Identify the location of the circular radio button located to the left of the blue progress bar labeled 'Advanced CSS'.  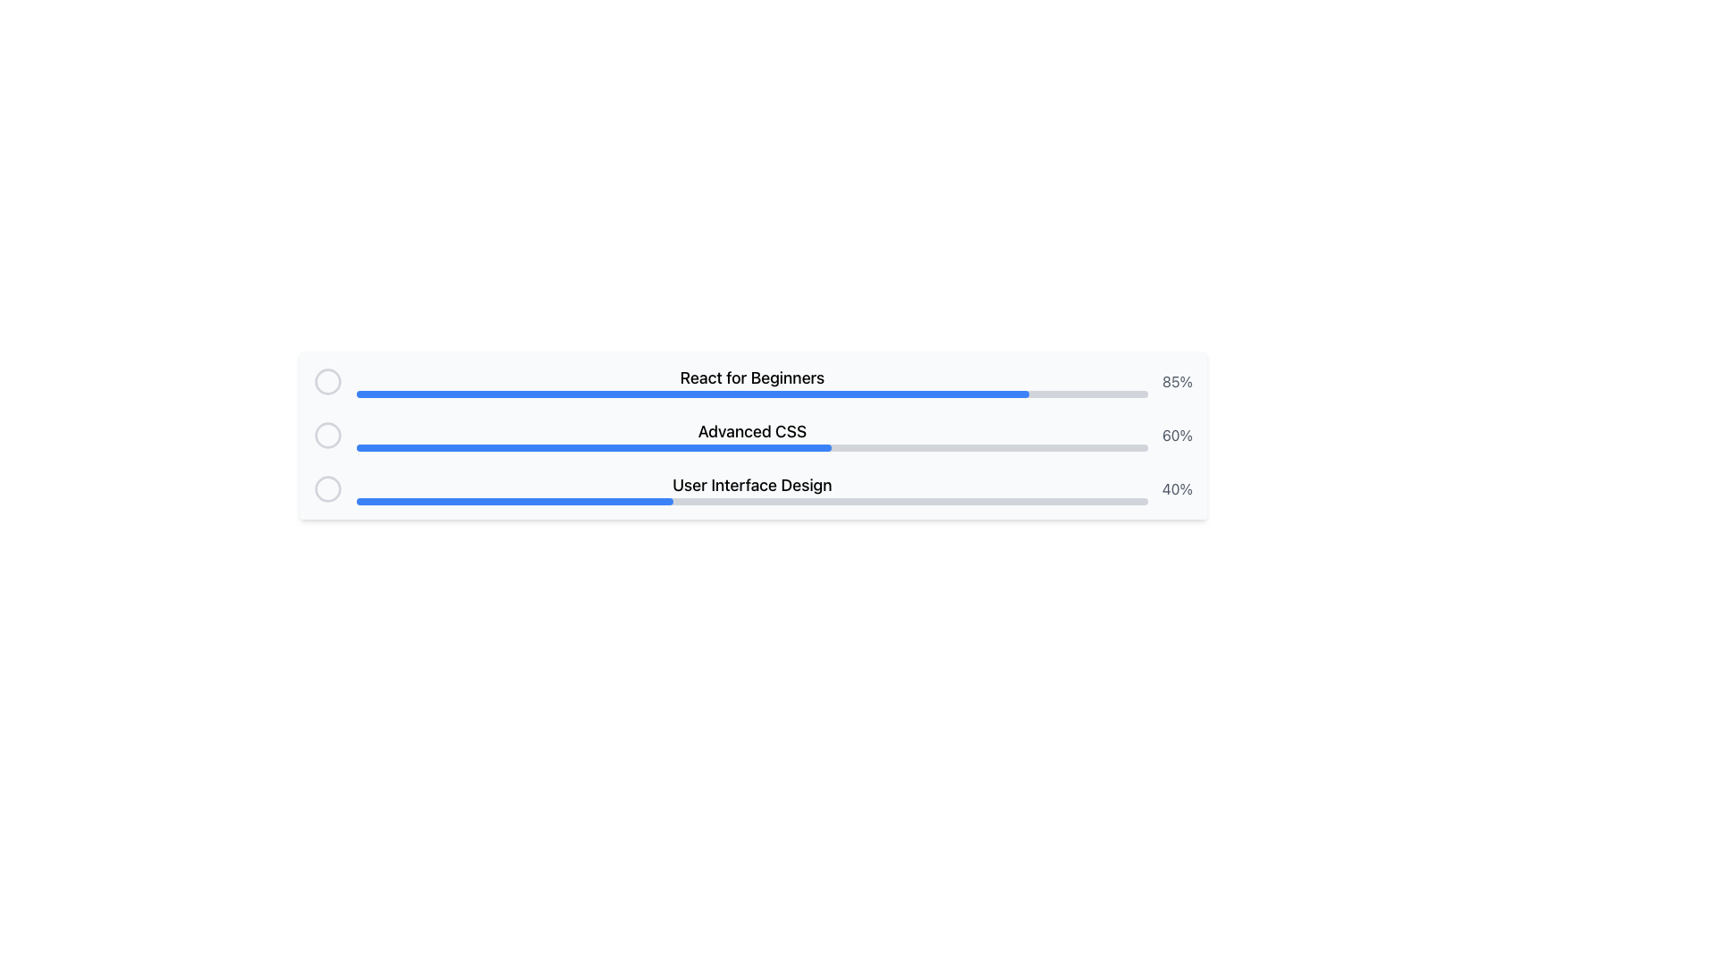
(327, 435).